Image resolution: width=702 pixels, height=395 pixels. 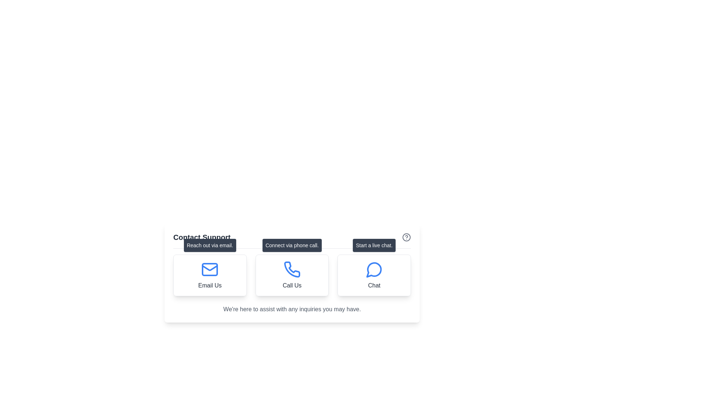 What do you see at coordinates (291, 269) in the screenshot?
I see `the telephone receiver icon with a blue outline located in the contact options section, positioned above the 'Call Us' text` at bounding box center [291, 269].